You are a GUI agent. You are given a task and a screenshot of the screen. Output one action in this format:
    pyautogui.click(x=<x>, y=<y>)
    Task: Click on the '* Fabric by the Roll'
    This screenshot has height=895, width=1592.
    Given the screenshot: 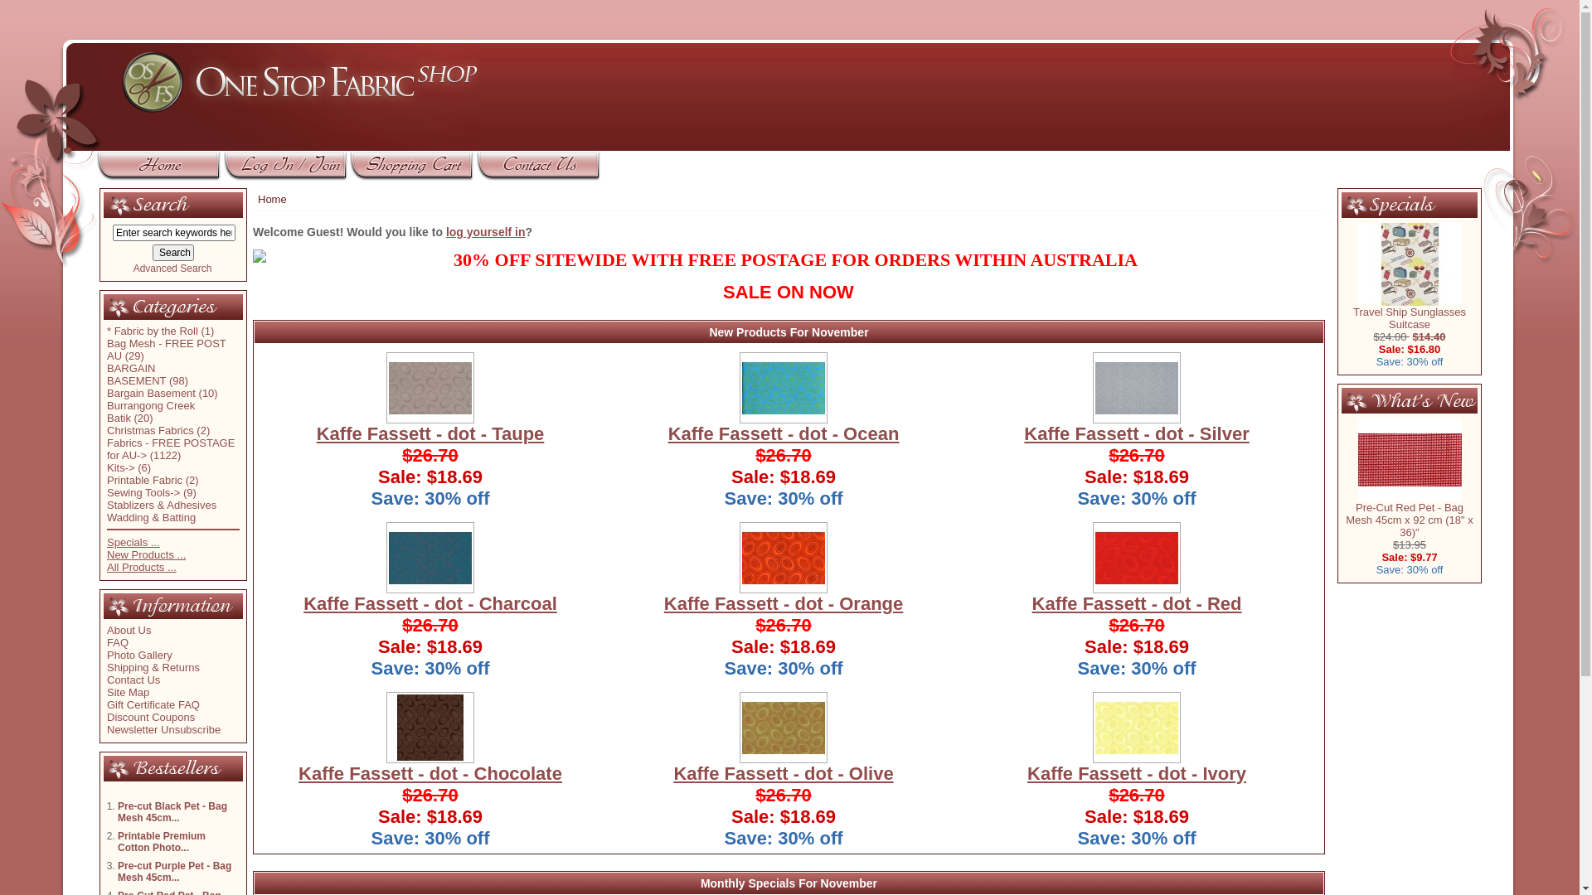 What is the action you would take?
    pyautogui.click(x=106, y=331)
    